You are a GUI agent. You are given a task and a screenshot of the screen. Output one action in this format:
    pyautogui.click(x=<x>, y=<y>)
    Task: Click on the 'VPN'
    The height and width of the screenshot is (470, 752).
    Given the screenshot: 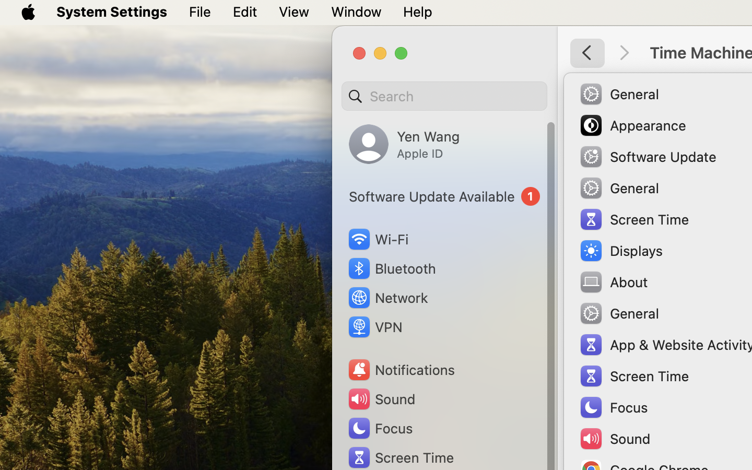 What is the action you would take?
    pyautogui.click(x=374, y=327)
    